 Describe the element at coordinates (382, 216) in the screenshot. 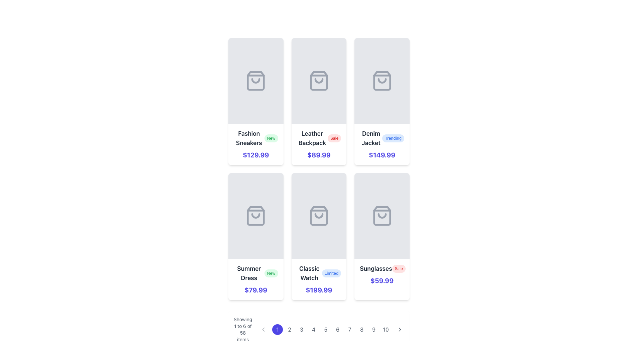

I see `the shopping bag icon located at the top of the 'Sunglasses' card, which is the sixth card in the grid layout` at that location.